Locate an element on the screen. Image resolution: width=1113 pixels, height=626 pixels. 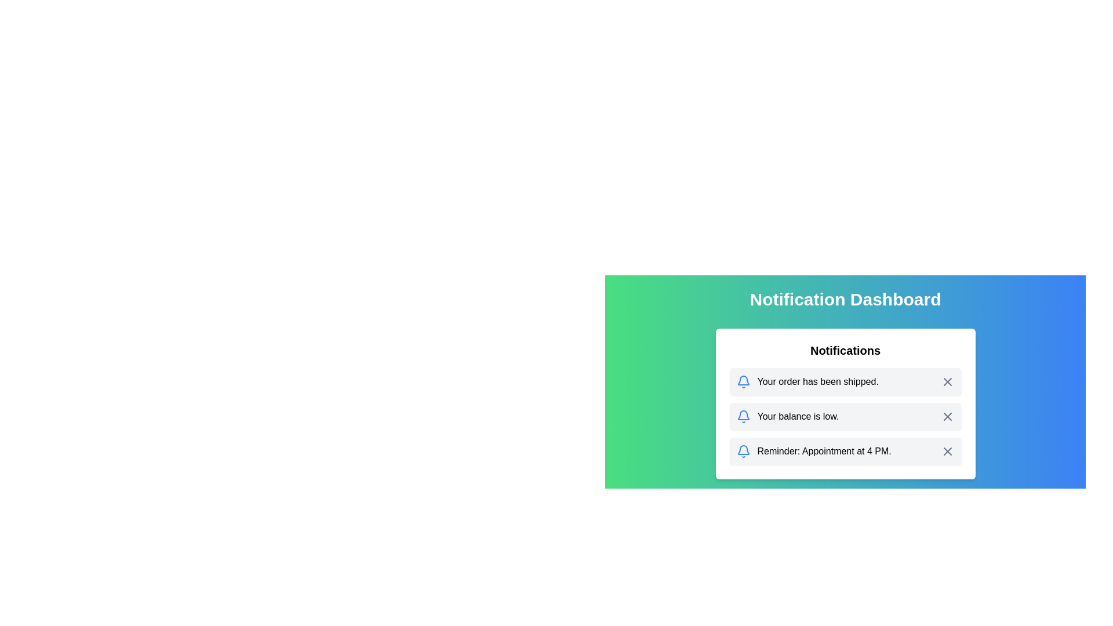
the close button icon located in the top-right corner of the notification that says 'Your order has been shipped' is located at coordinates (947, 382).